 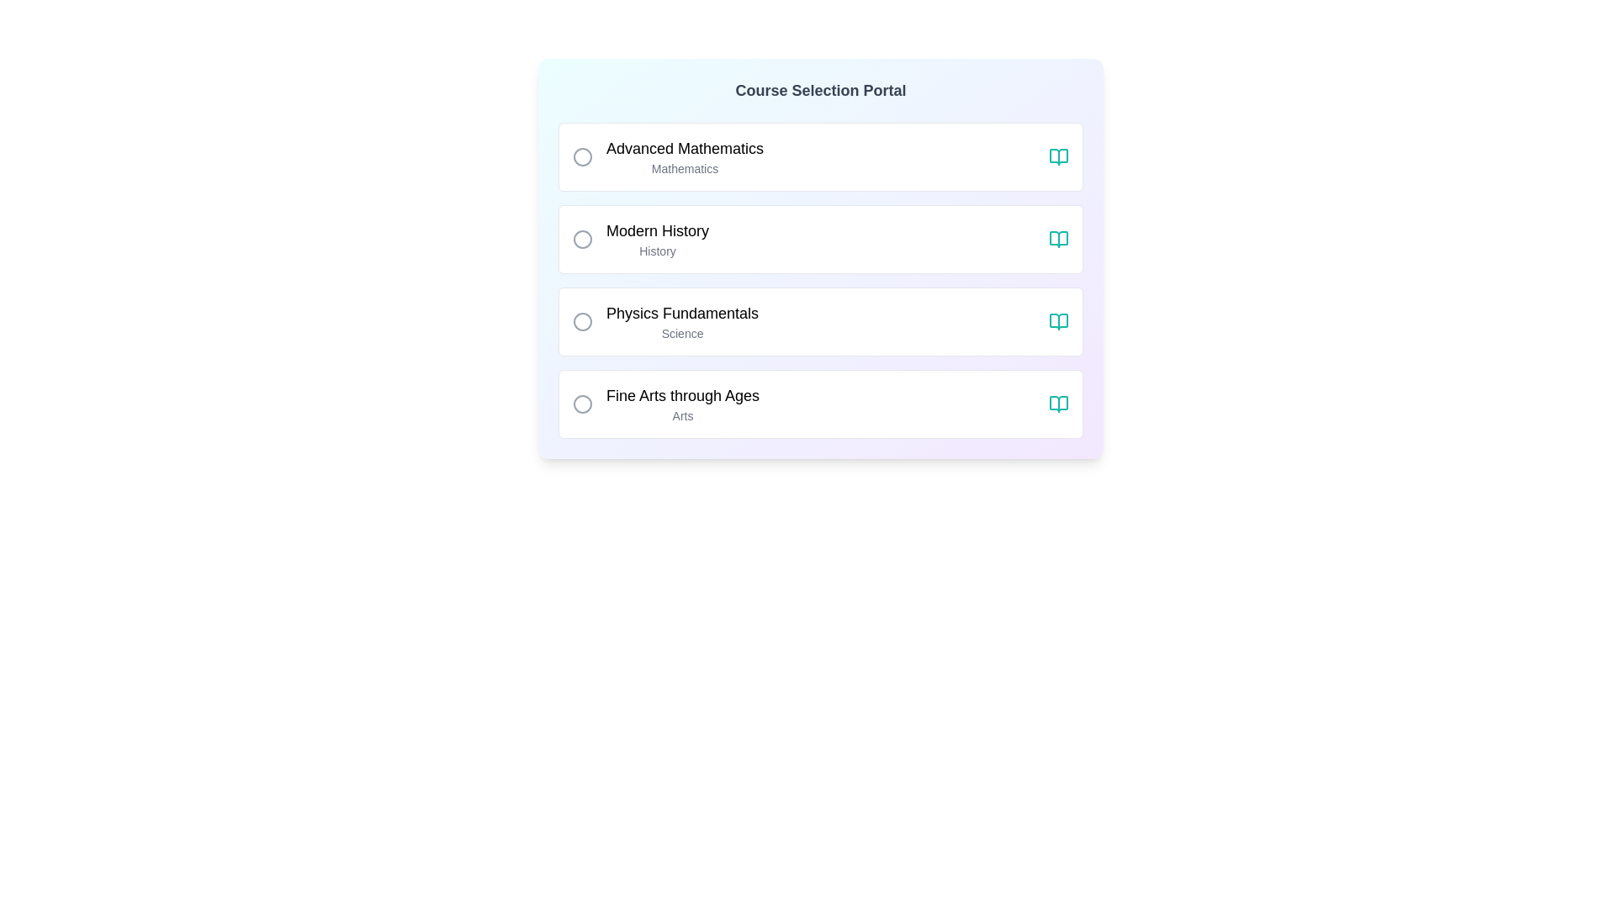 What do you see at coordinates (1057, 240) in the screenshot?
I see `the teal-colored open book icon located at the extreme right of the 'Modern History' course entry` at bounding box center [1057, 240].